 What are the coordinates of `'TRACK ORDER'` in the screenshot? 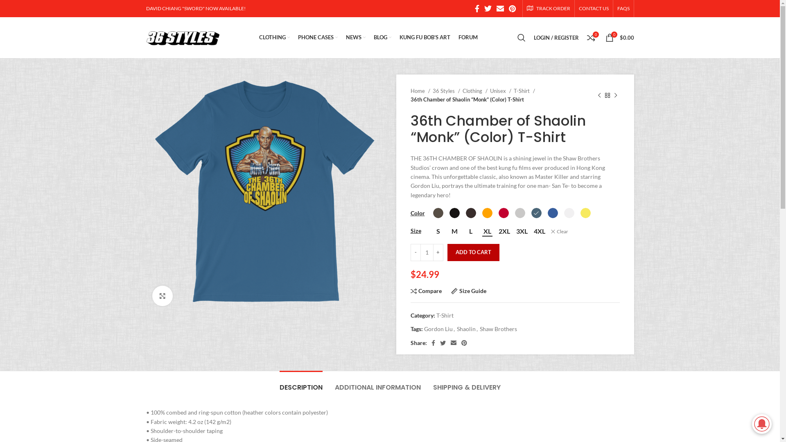 It's located at (548, 8).